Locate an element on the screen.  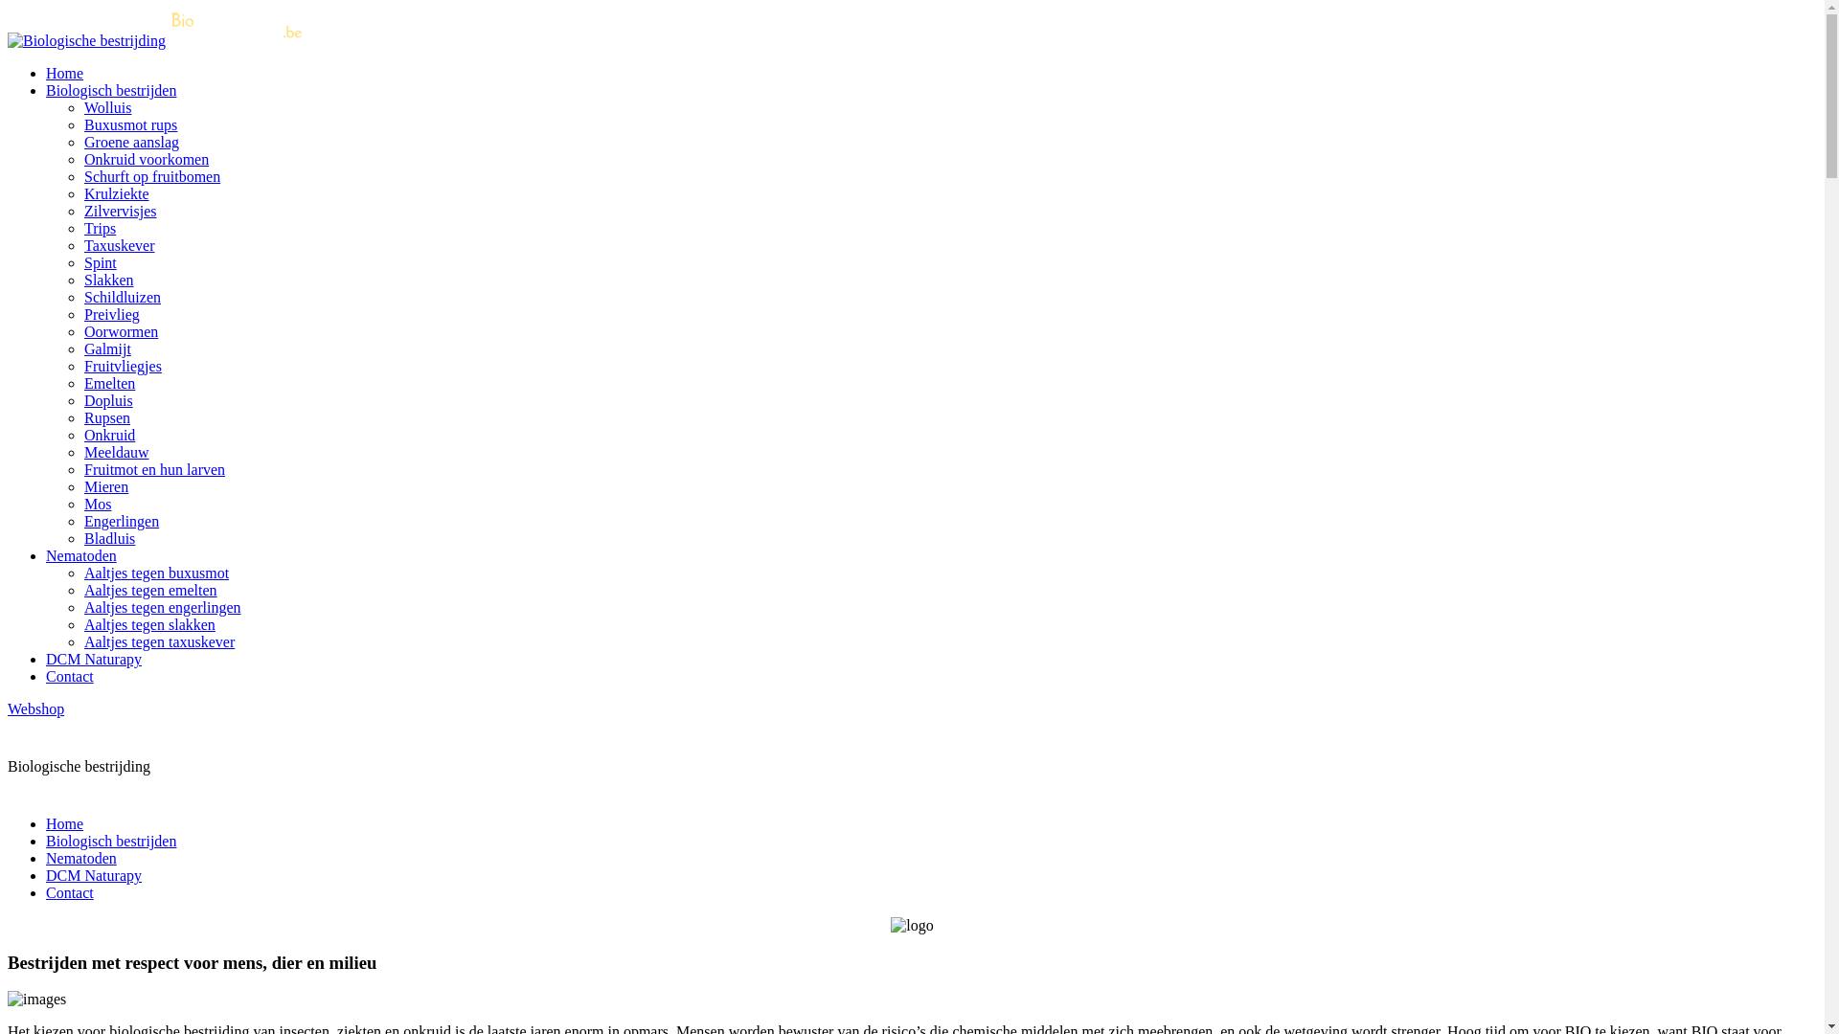
'Meeldauw' is located at coordinates (115, 452).